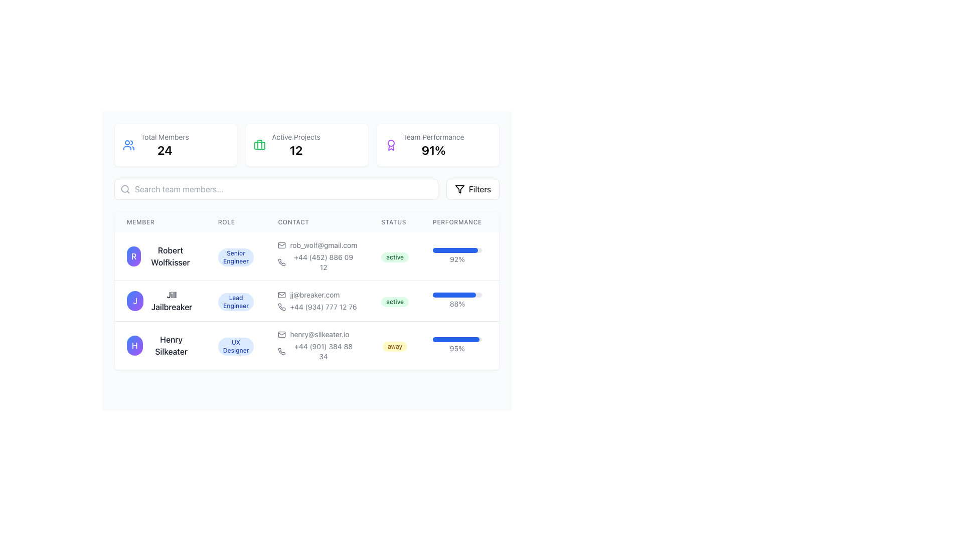 This screenshot has width=963, height=541. I want to click on displayed information from the Informational summary widget that shows the total number of members associated with the context, located at the top-left of the interface, so click(165, 145).